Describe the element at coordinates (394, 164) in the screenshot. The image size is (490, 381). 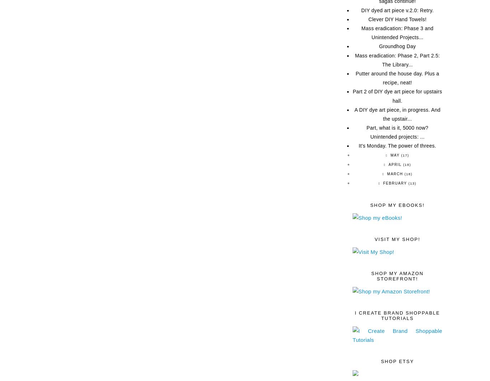
I see `'April'` at that location.